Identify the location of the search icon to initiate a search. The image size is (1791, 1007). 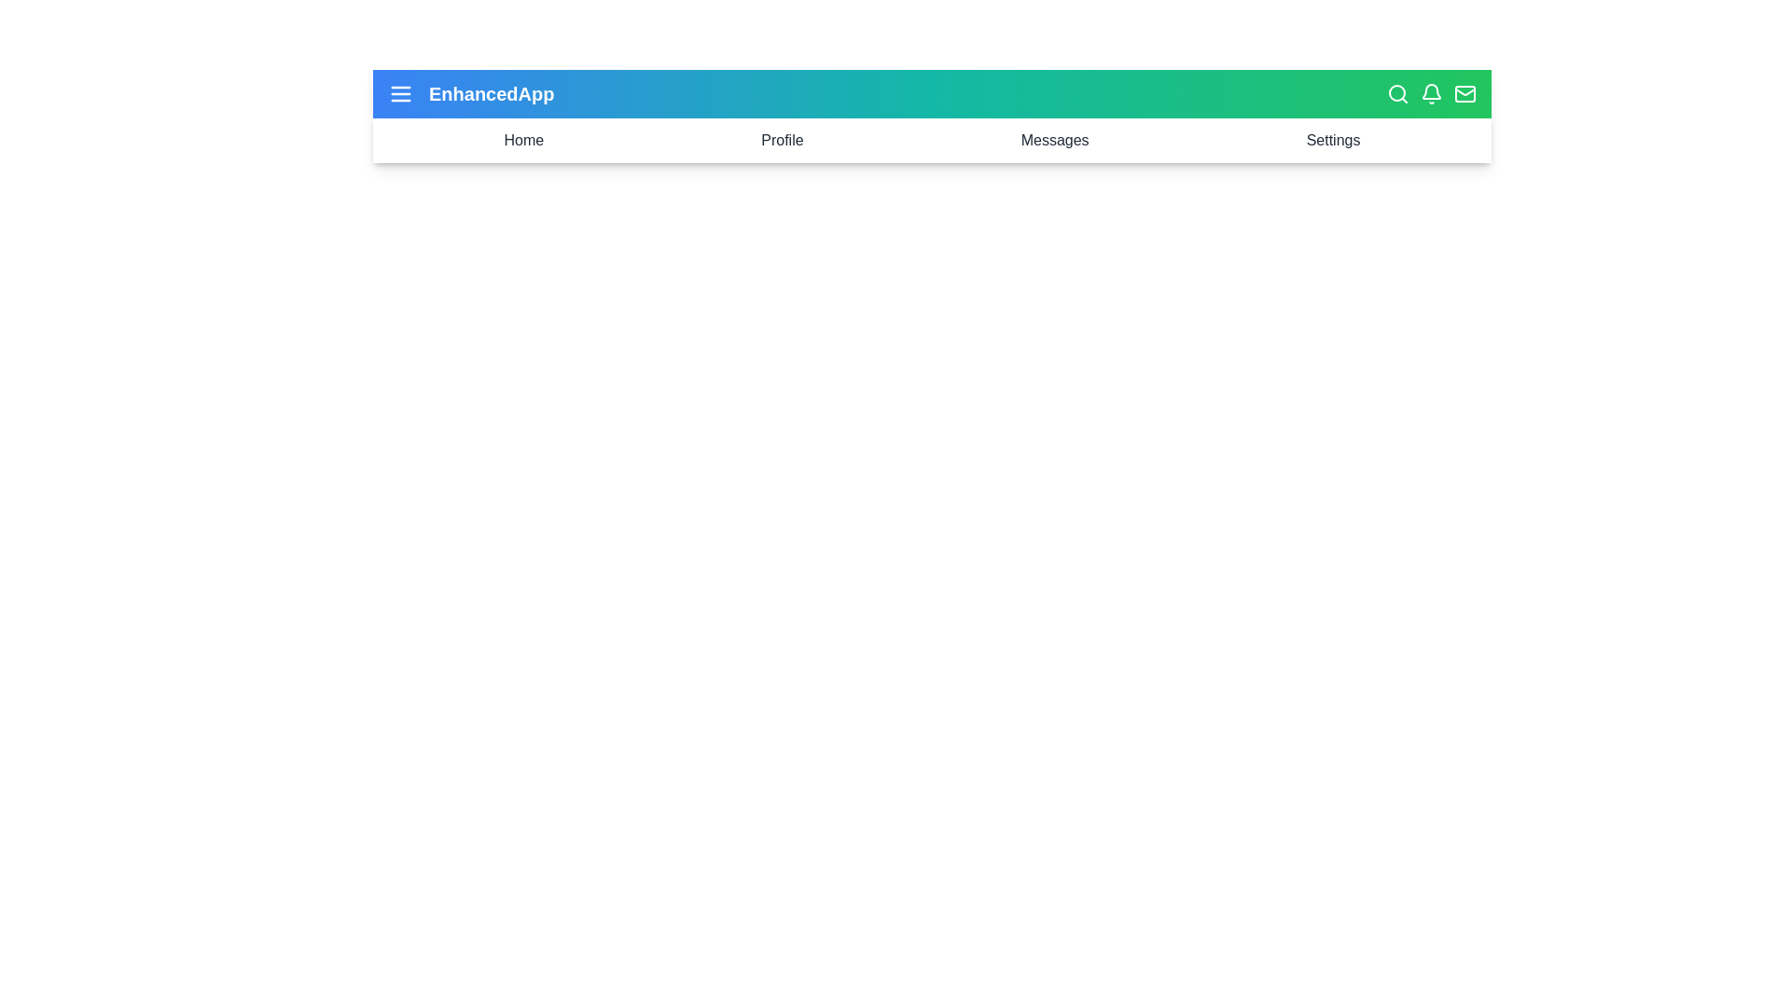
(1397, 93).